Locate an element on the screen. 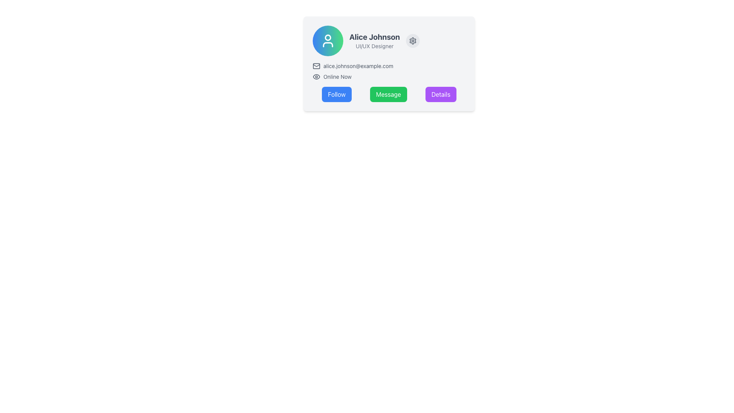 The height and width of the screenshot is (413, 734). the Text Label that indicates the user's current online status, which is located below the user's email address and to the right of an eye icon in the interface layout is located at coordinates (337, 76).